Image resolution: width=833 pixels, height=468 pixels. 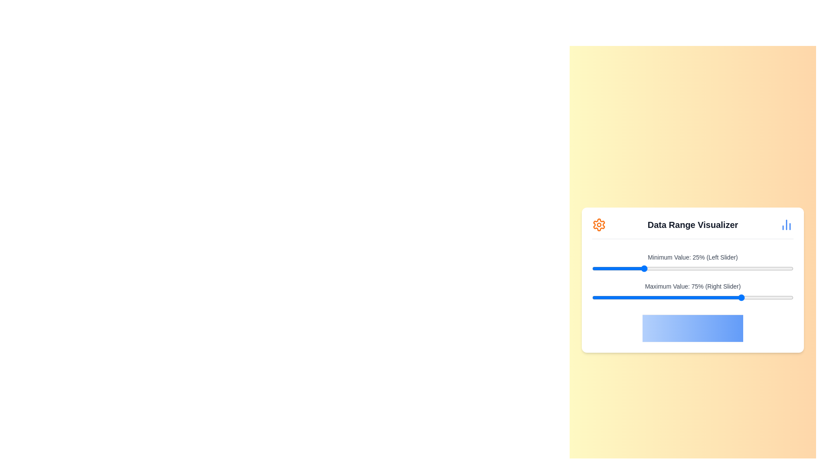 I want to click on the settings icon located in the upper left corner of the card's header area, so click(x=599, y=224).